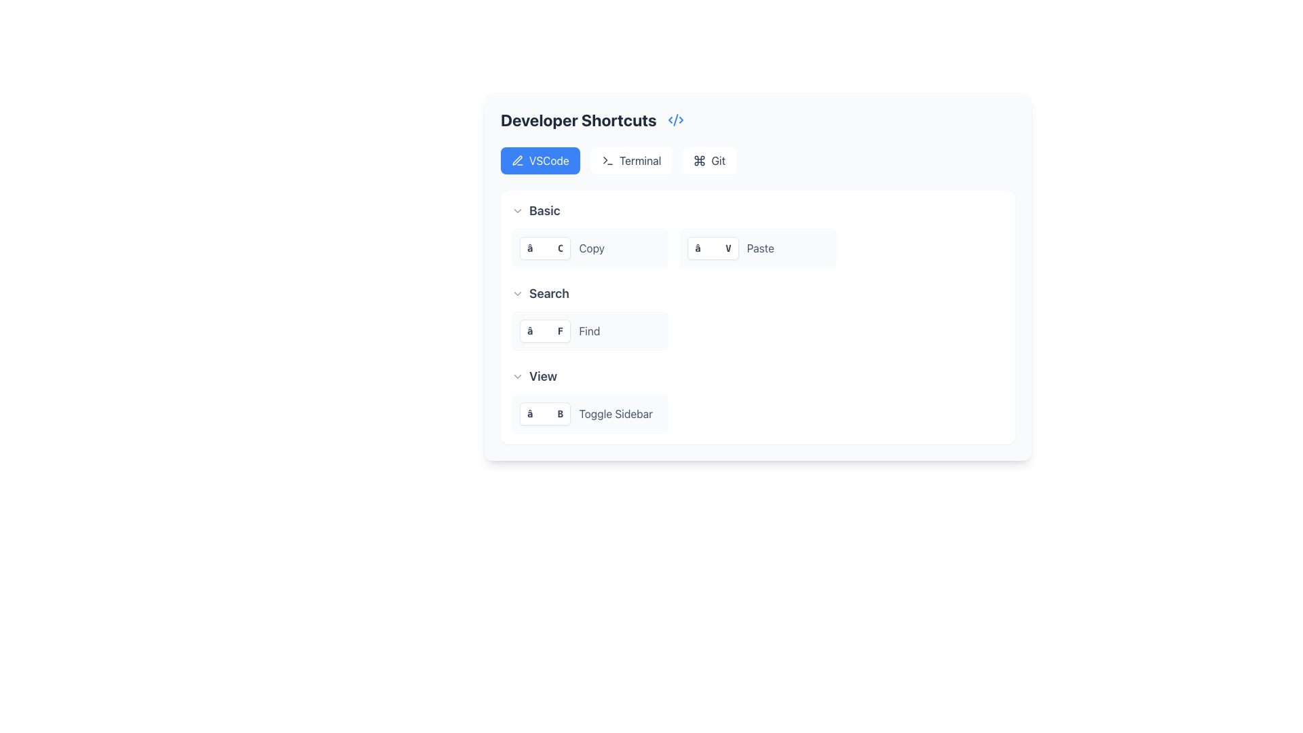  What do you see at coordinates (545, 248) in the screenshot?
I see `the Keyboard shortcut indicator for 'Copy' located in the 'Basic' section of the 'Developer Shortcuts' panel, which features a symbol followed by 'C' in a small rectangular area` at bounding box center [545, 248].